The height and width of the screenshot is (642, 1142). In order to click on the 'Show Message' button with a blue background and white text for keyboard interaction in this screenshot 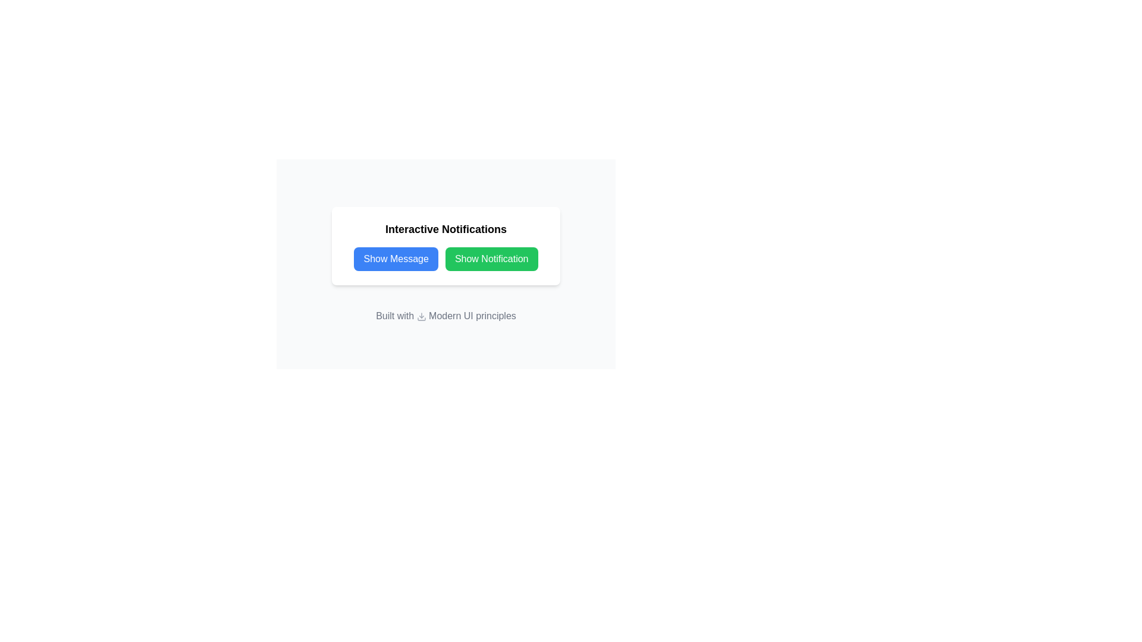, I will do `click(396, 258)`.